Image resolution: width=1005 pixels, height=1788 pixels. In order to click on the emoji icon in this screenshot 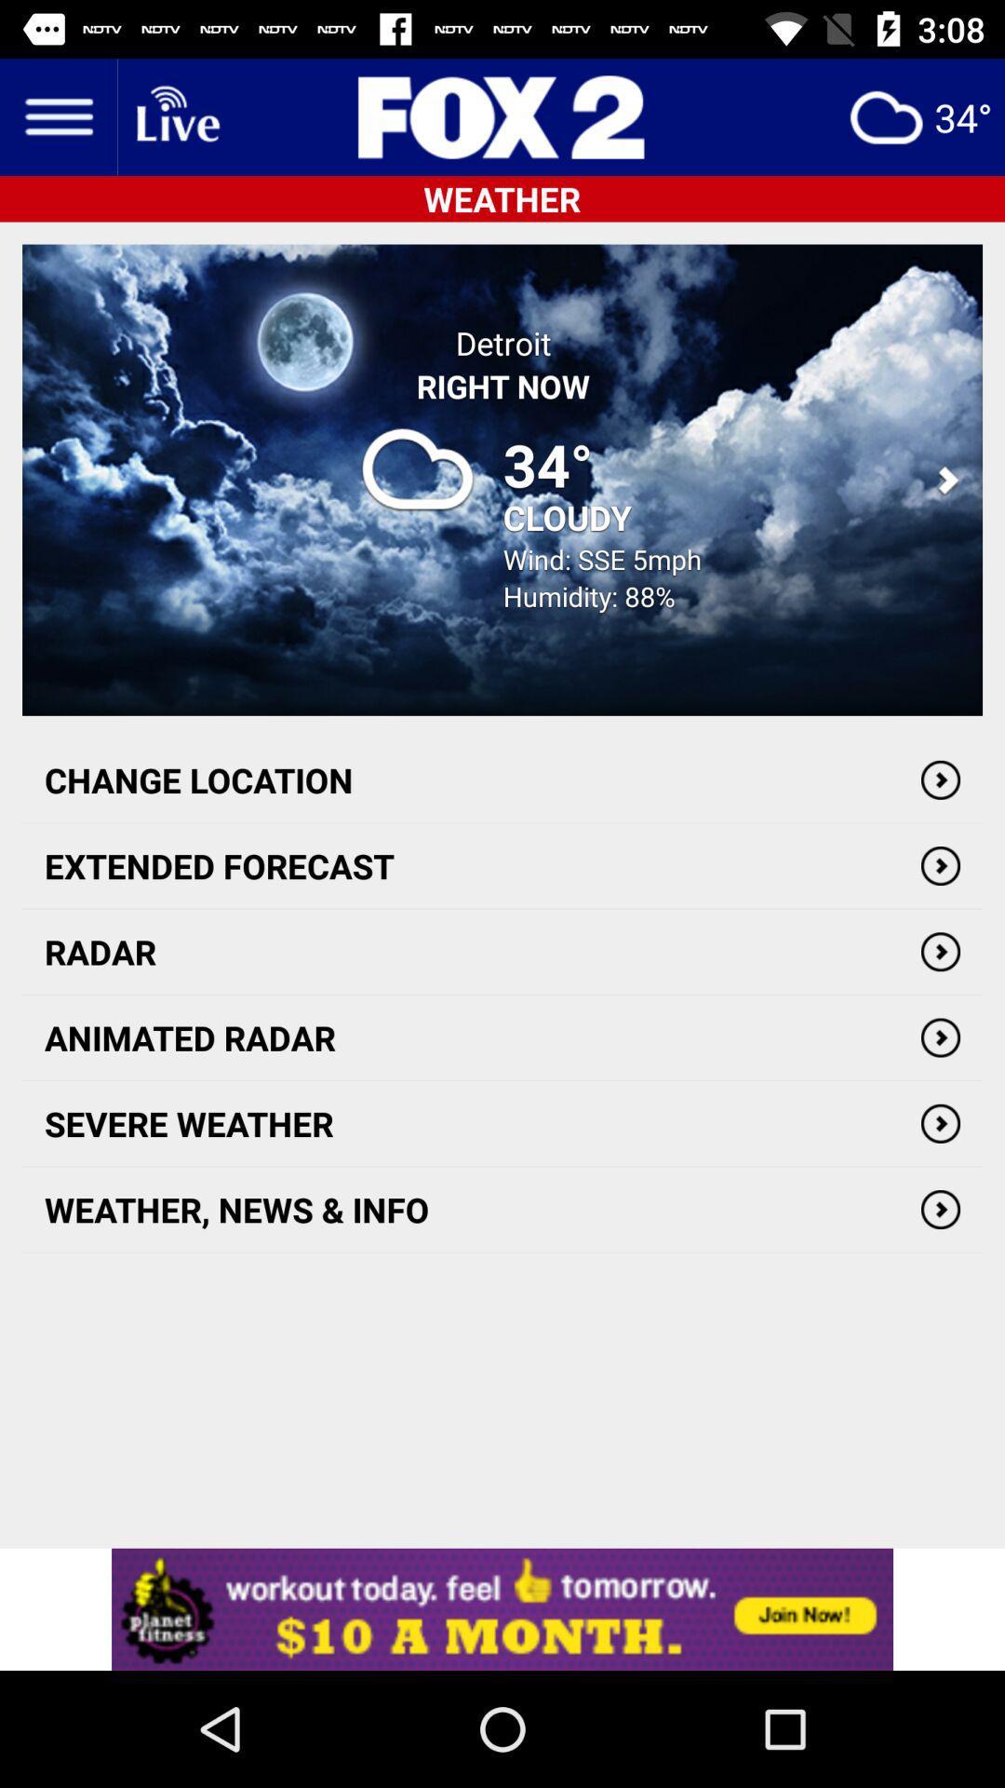, I will do `click(919, 115)`.